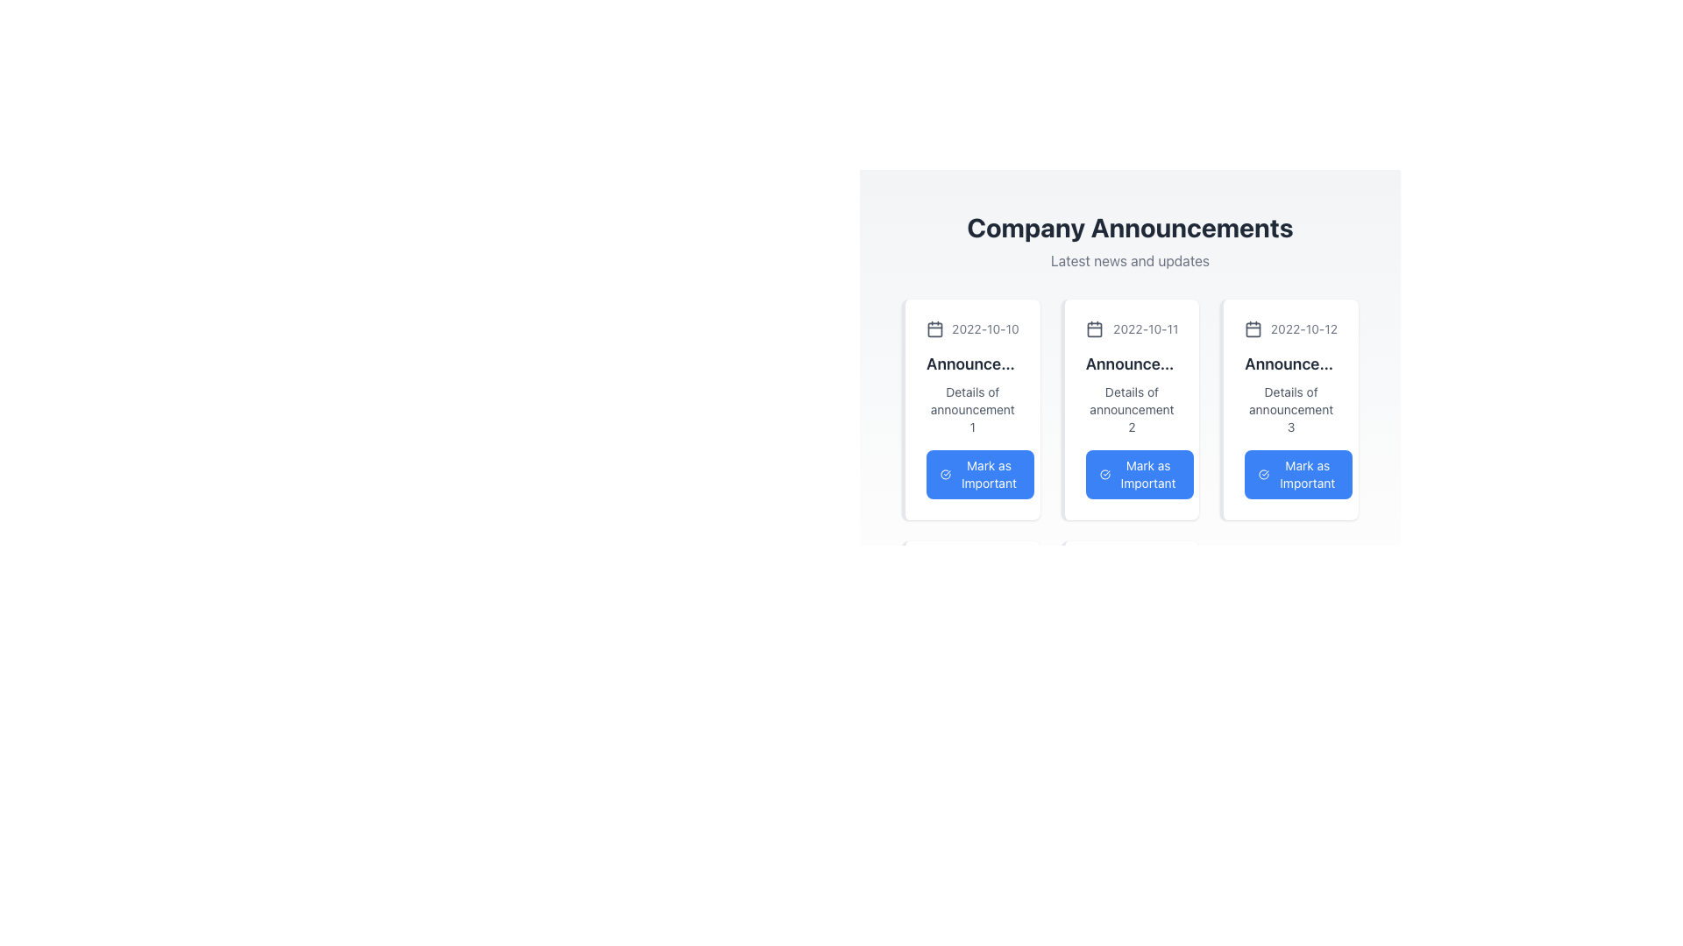 The height and width of the screenshot is (946, 1683). What do you see at coordinates (985, 328) in the screenshot?
I see `the text label displaying '2022-10-10' in a small gray font, located near the top-left corner below a calendar icon in the first card of the announcements list` at bounding box center [985, 328].